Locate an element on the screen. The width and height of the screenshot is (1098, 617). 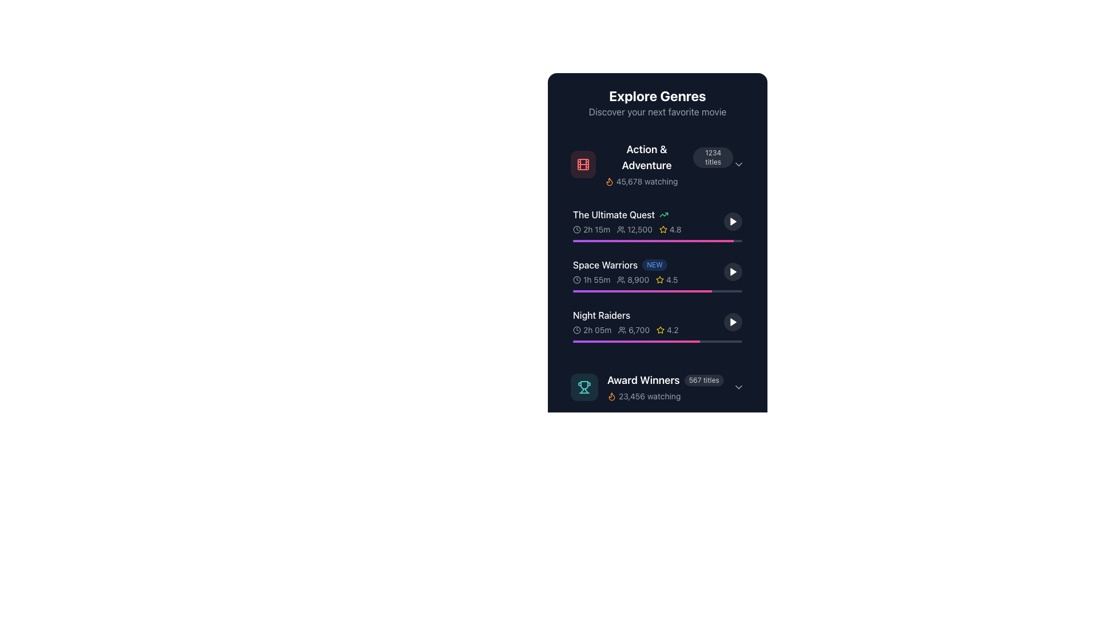
the informational display element that shows the movie's duration, user count, and rating for 'Space Warriors' in the 'Explore Genres' section is located at coordinates (648, 279).